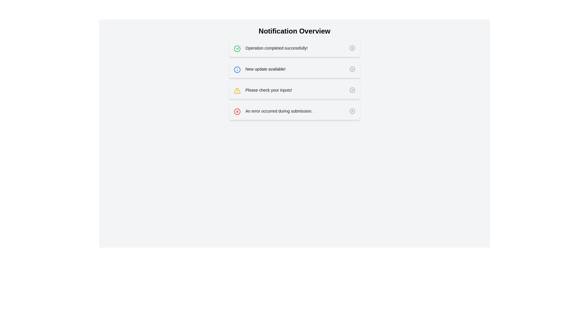 This screenshot has width=561, height=315. I want to click on the yellow triangular warning icon with a centered exclamation mark, which is the leftmost icon in the third row of the notification list, so click(237, 91).